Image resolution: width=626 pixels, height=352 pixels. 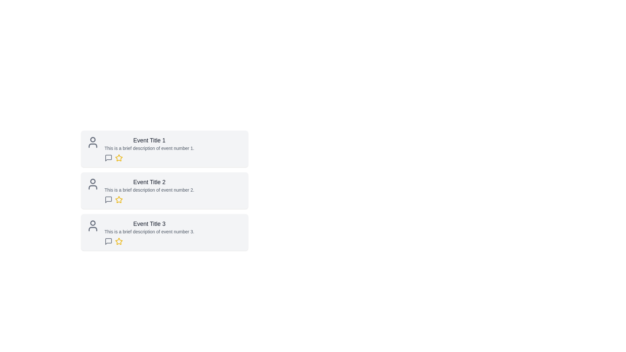 What do you see at coordinates (108, 199) in the screenshot?
I see `the first icon in the row of two icons associated with commenting or messaging functionality in the second event card to initiate a related action` at bounding box center [108, 199].